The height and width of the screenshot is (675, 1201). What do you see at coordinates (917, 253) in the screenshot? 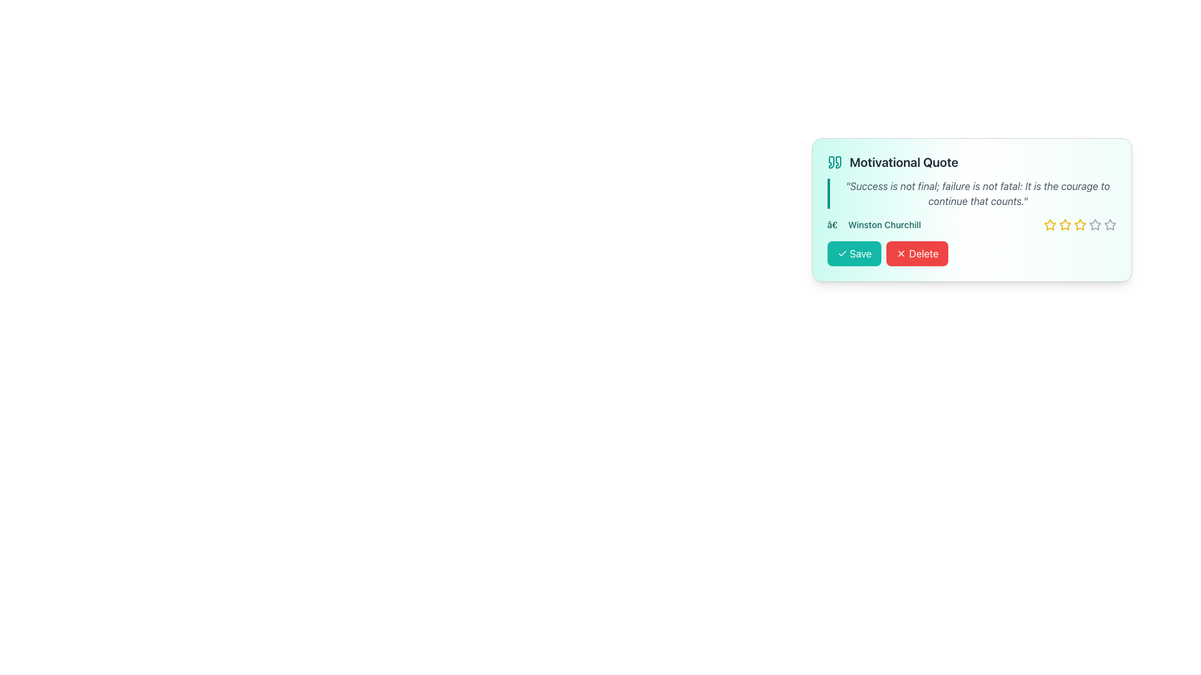
I see `the red 'Delete' button with a white text label and a cross icon` at bounding box center [917, 253].